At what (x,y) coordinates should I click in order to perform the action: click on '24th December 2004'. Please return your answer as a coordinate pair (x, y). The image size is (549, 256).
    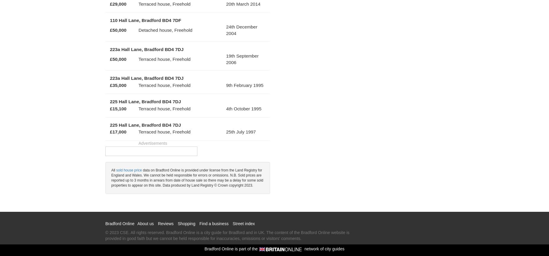
    Looking at the image, I should click on (242, 29).